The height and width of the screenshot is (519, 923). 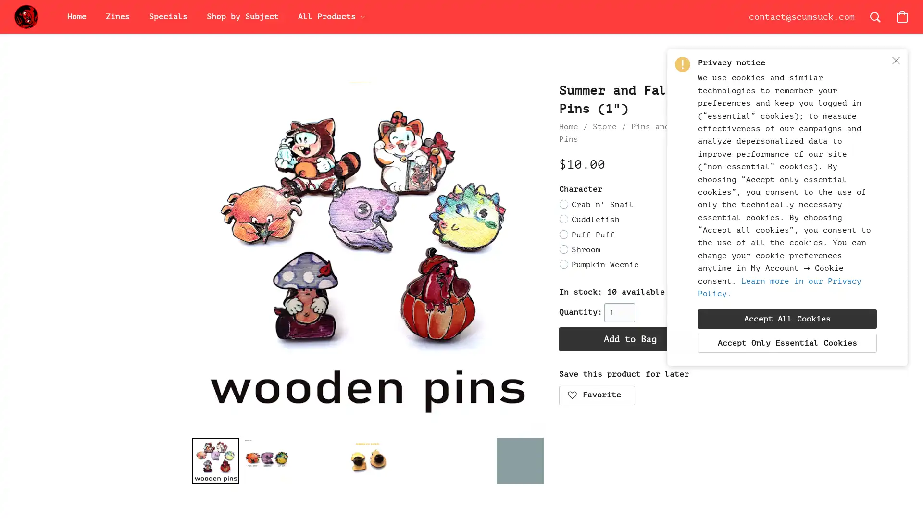 What do you see at coordinates (596, 395) in the screenshot?
I see `Save this product for later` at bounding box center [596, 395].